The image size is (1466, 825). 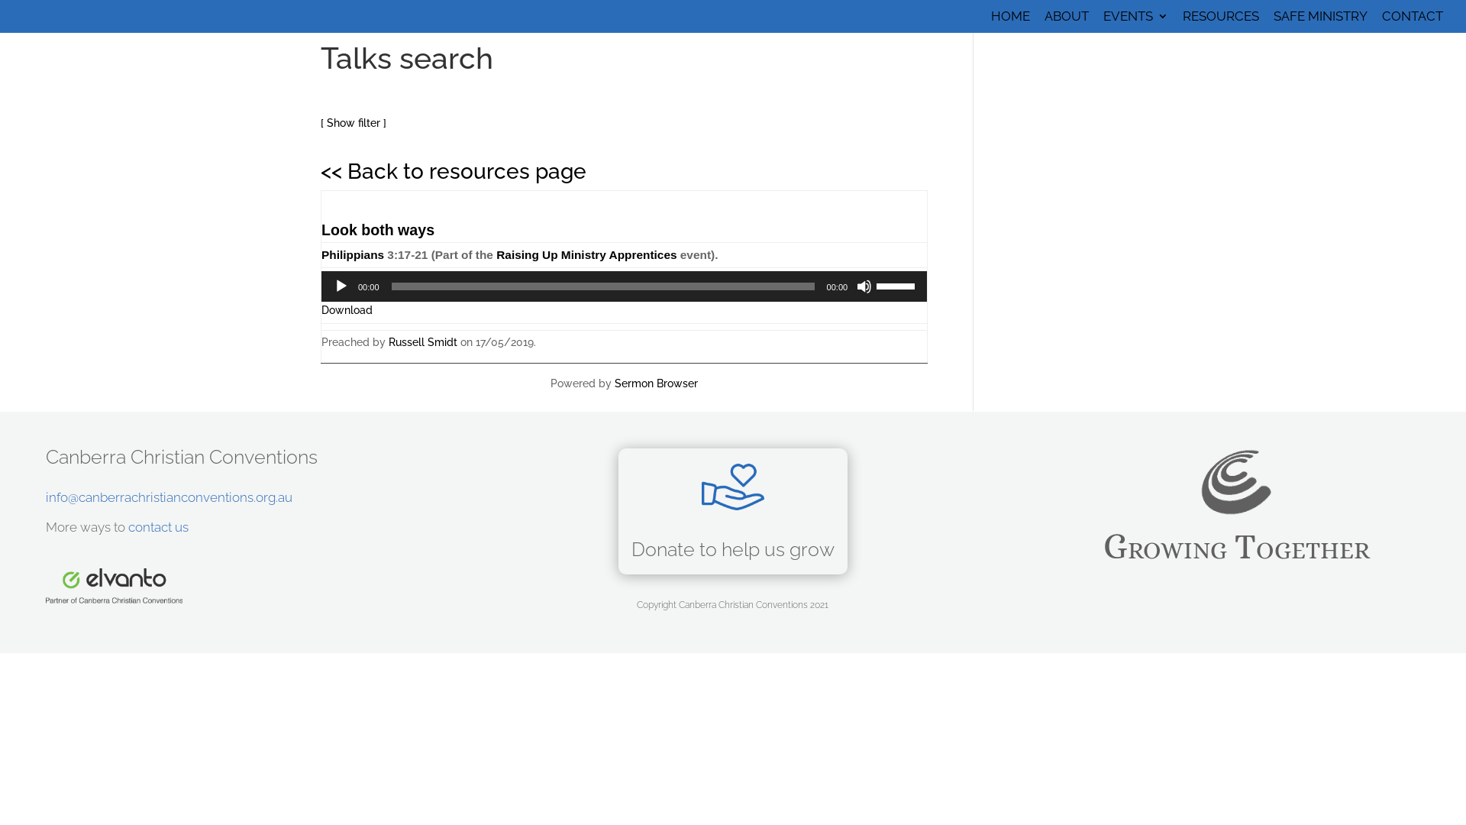 I want to click on '[ Show filter ]', so click(x=352, y=122).